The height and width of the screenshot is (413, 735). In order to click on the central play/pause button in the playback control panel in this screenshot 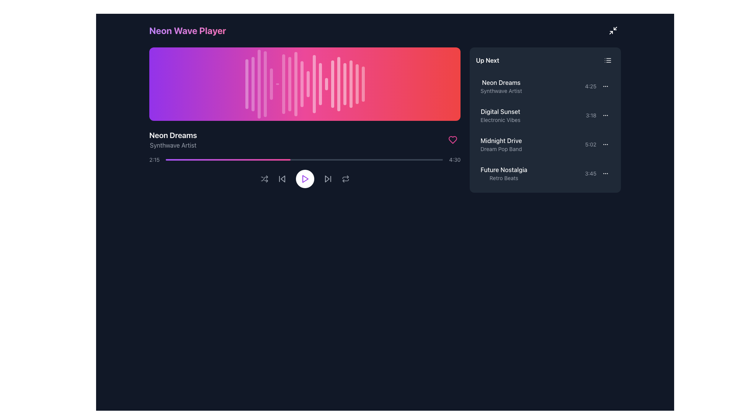, I will do `click(304, 179)`.